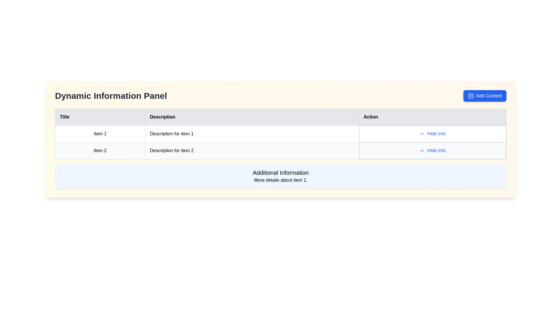 The image size is (556, 313). Describe the element at coordinates (281, 172) in the screenshot. I see `the Text label that serves as a heading or title, positioned directly above the details of item 1` at that location.